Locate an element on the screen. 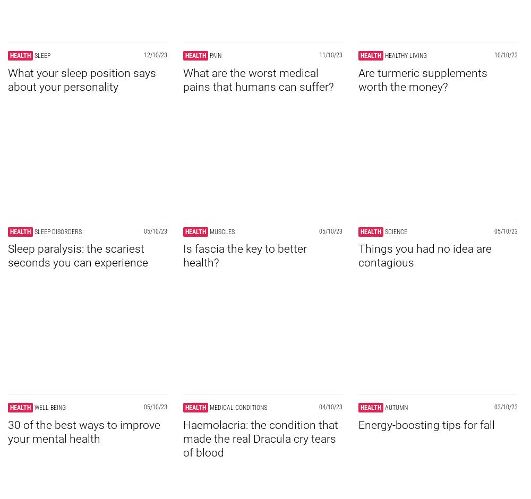  'Autumn' is located at coordinates (396, 407).